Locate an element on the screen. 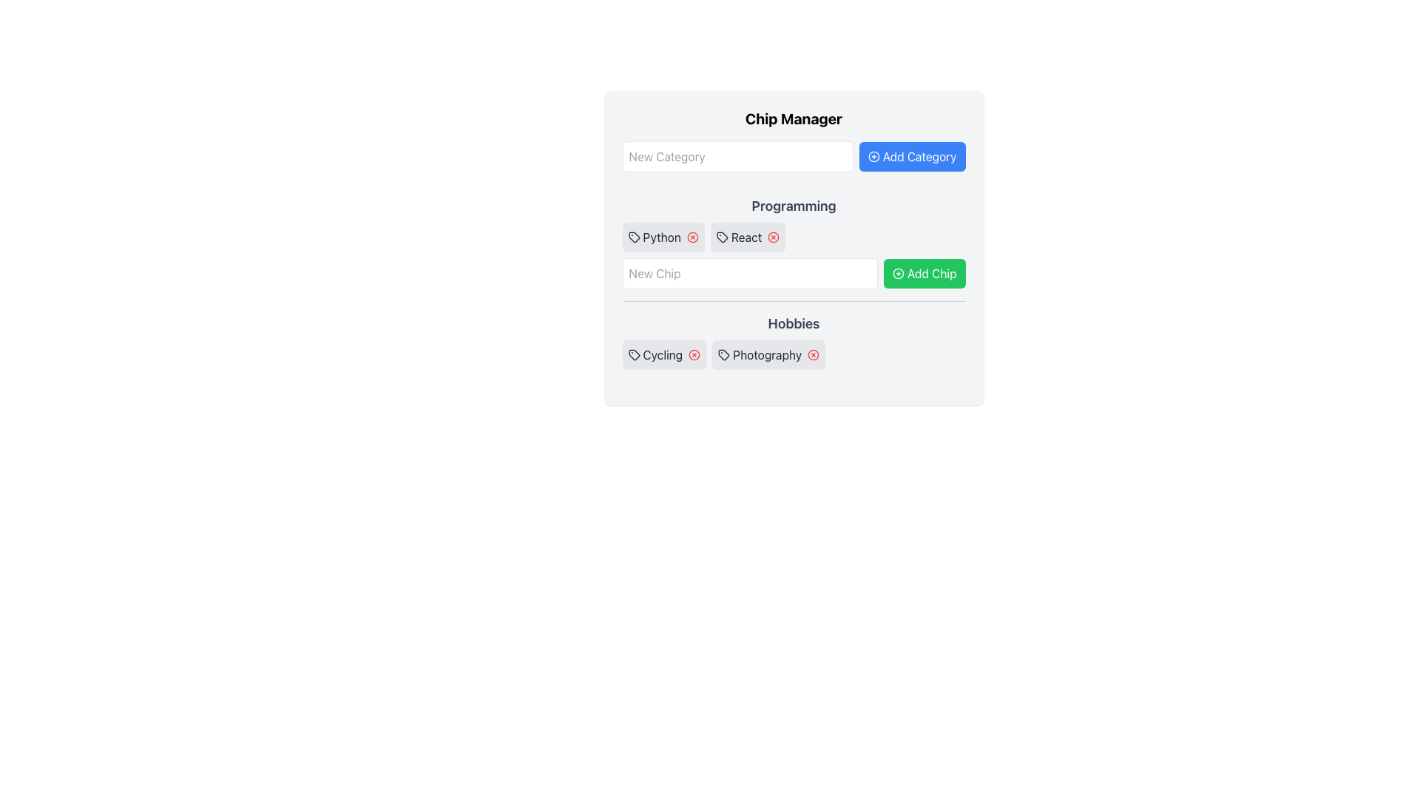  the small circular close/delete icon with a red border located to the right of the text 'Python' in the 'Programming' section is located at coordinates (692, 236).